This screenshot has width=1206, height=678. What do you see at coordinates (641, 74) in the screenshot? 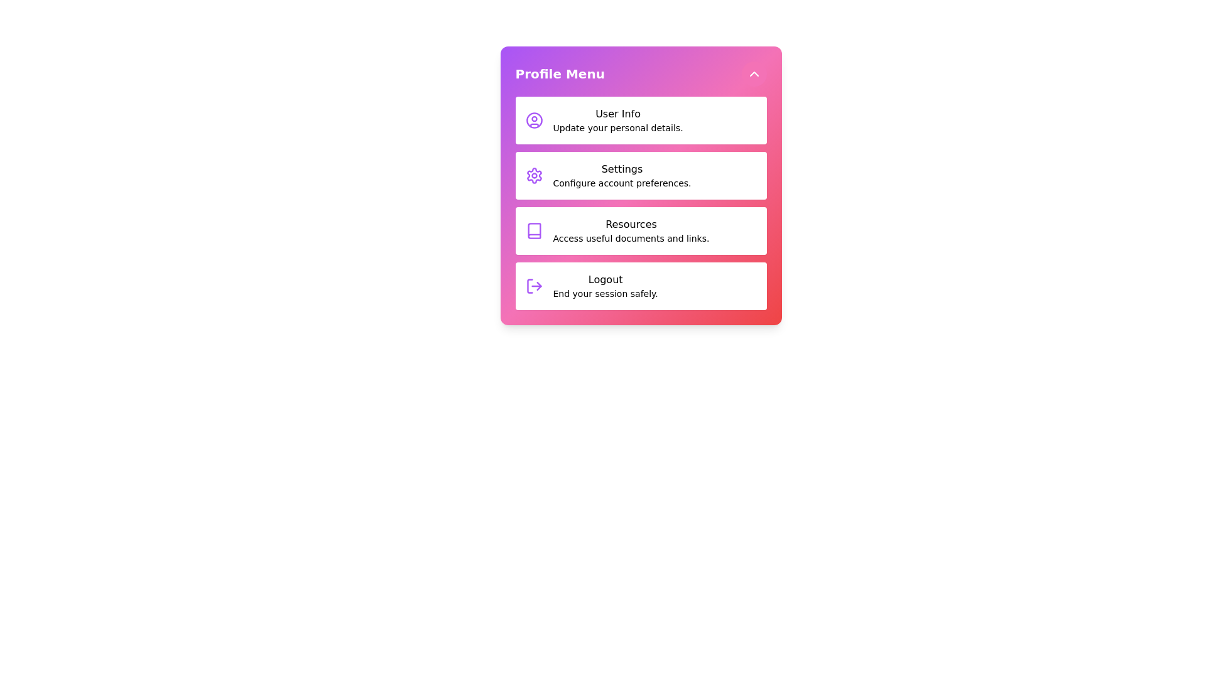
I see `the menu header to toggle the menu's expanded state` at bounding box center [641, 74].